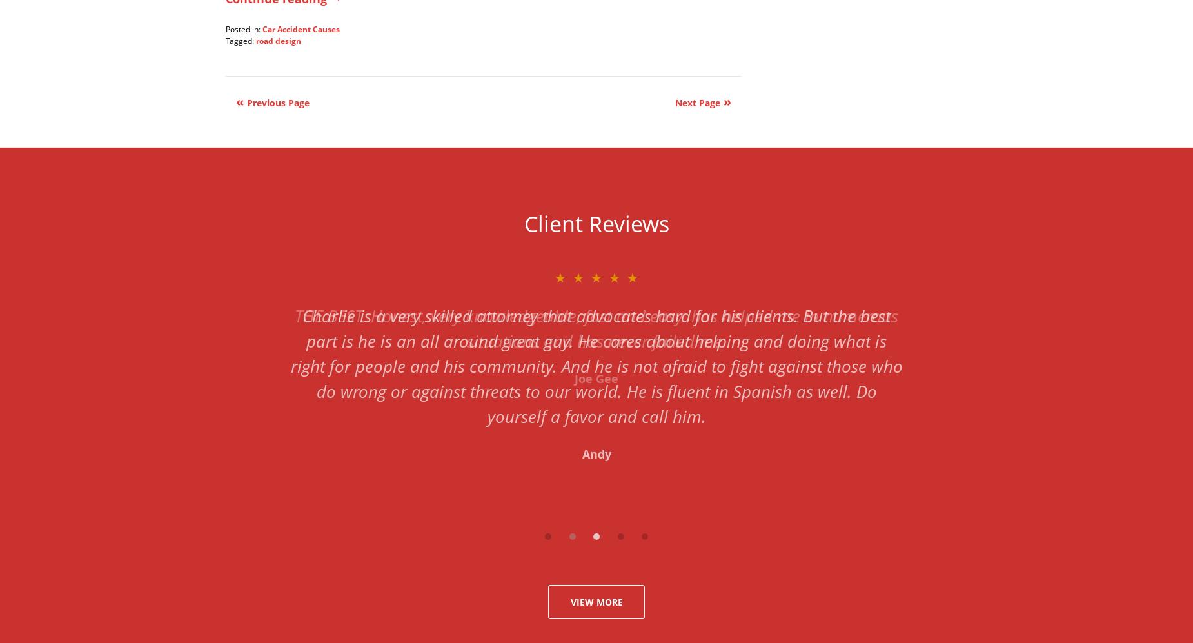  I want to click on 'Client Reviews', so click(596, 222).